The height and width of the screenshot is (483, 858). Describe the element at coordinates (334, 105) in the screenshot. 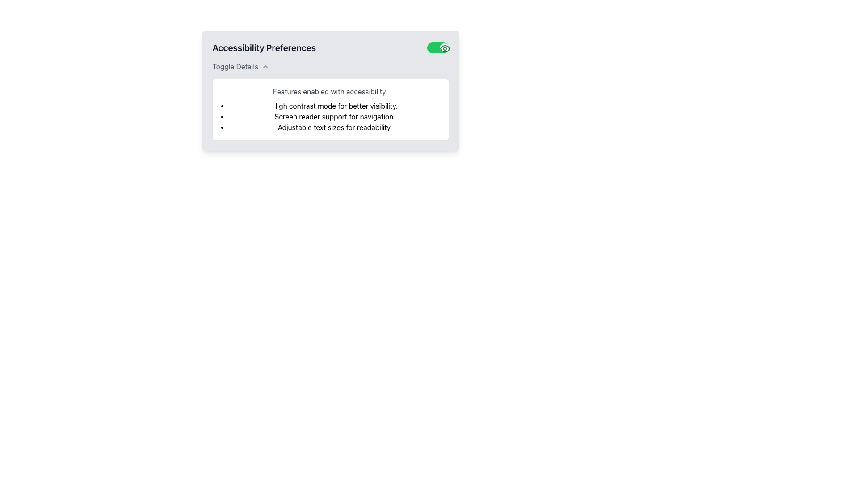

I see `the informational text block that describes accessibility features, located under the heading 'Features enabled with accessibility:' in the 'Accessibility Preferences' section` at that location.